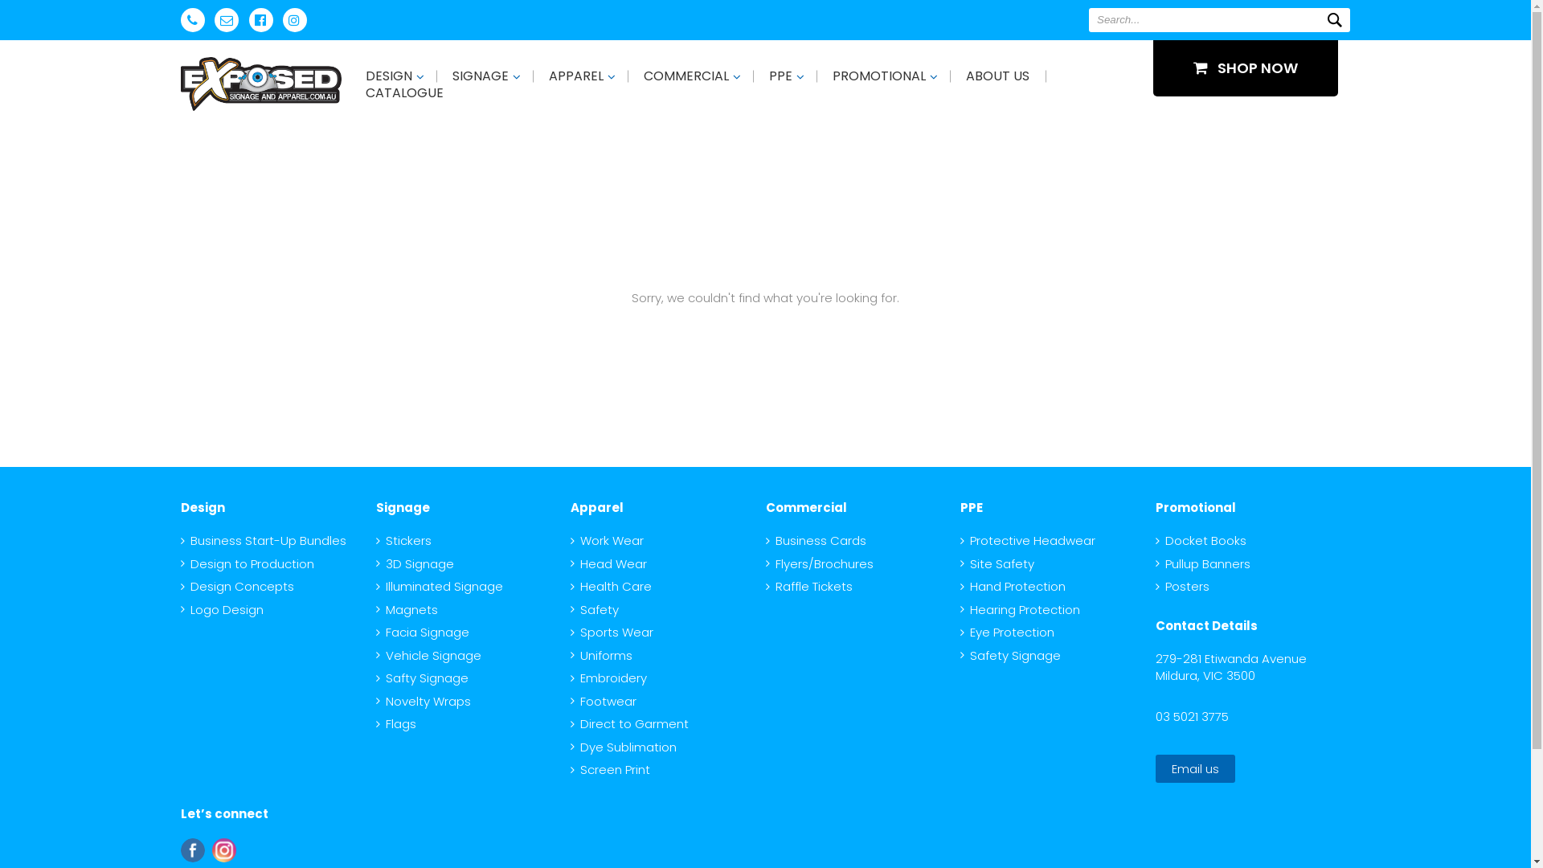 This screenshot has width=1543, height=868. Describe the element at coordinates (808, 586) in the screenshot. I see `'Raffle Tickets'` at that location.